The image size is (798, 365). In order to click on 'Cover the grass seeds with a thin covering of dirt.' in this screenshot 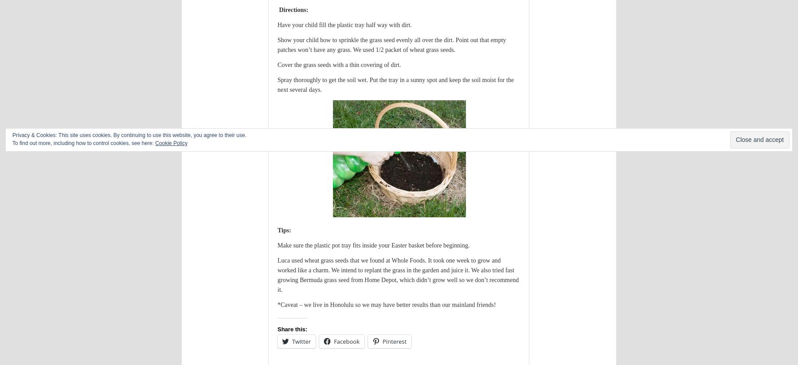, I will do `click(278, 65)`.